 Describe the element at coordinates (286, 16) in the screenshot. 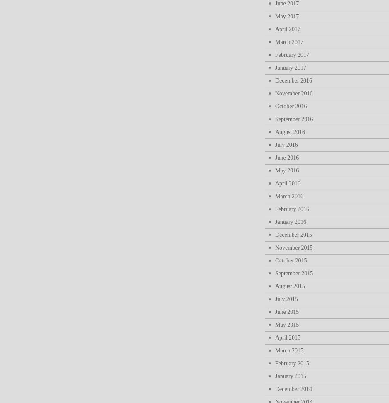

I see `'May 2017'` at that location.